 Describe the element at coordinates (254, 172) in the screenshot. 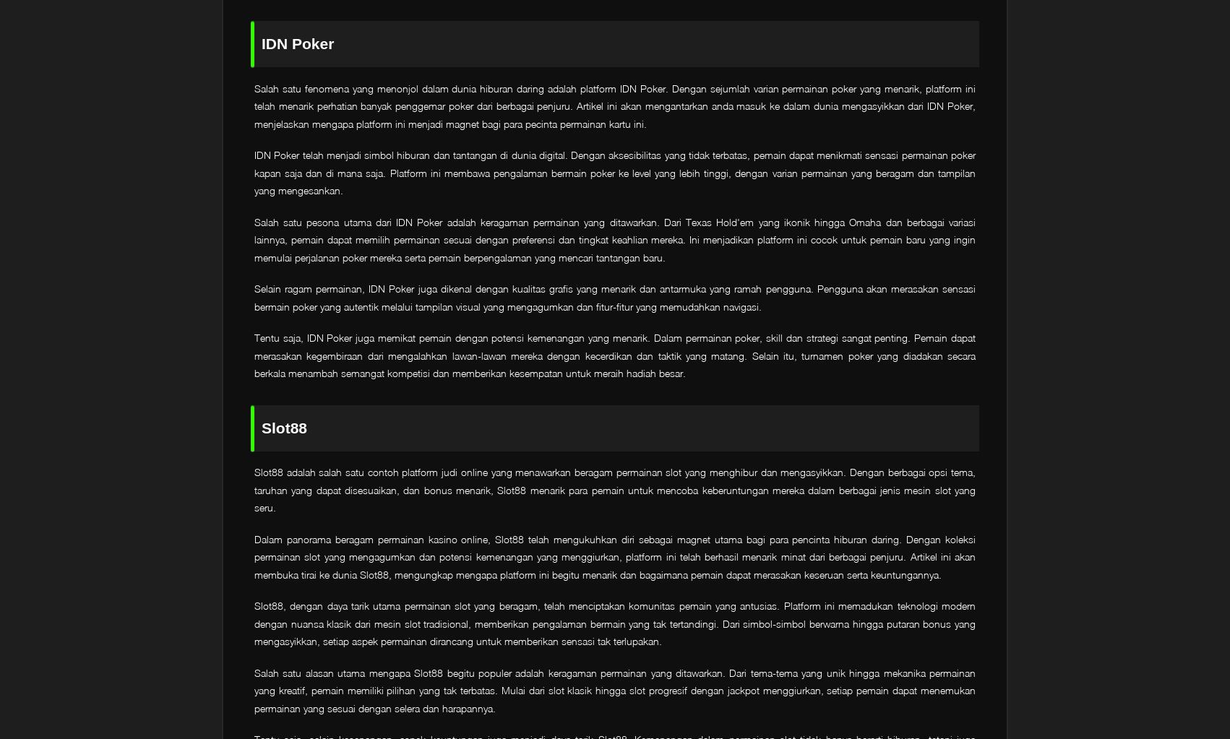

I see `'IDN Poker telah menjadi simbol hiburan dan tantangan di dunia digital. Dengan aksesibilitas yang tidak terbatas, pemain dapat menikmati sensasi permainan poker kapan saja dan di mana saja. Platform ini membawa pengalaman bermain poker ke level yang lebih tinggi, dengan varian permainan yang beragam dan tampilan yang mengesankan.'` at that location.